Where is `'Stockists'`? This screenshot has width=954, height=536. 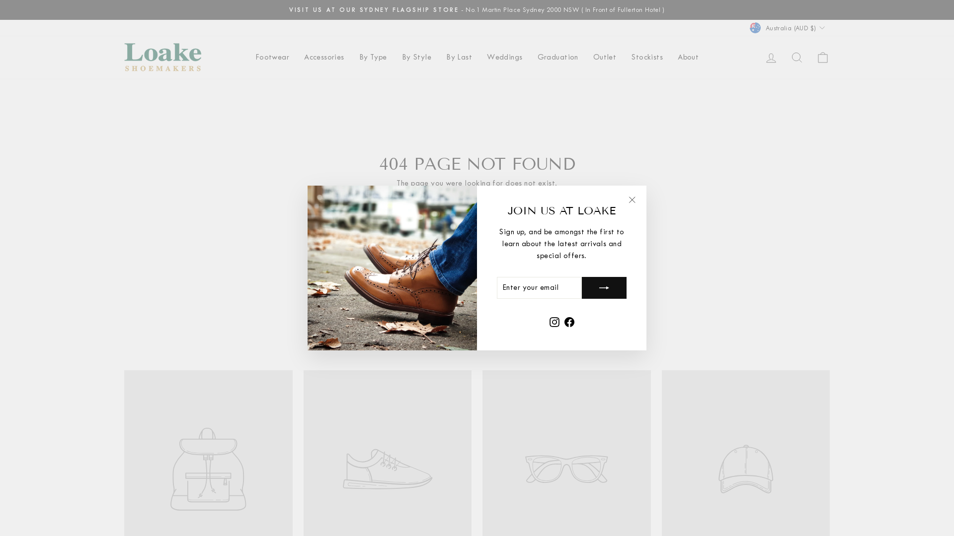
'Stockists' is located at coordinates (646, 57).